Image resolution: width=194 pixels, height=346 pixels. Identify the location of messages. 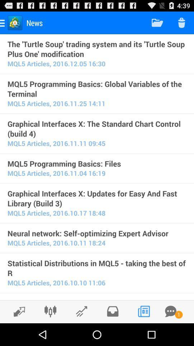
(170, 311).